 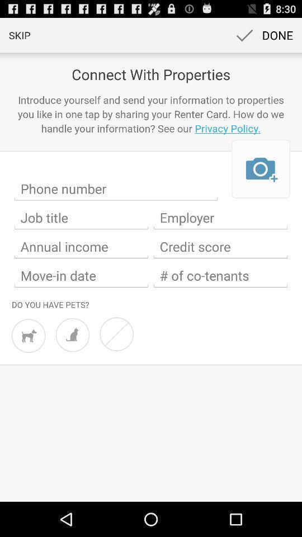 I want to click on photo, so click(x=261, y=169).